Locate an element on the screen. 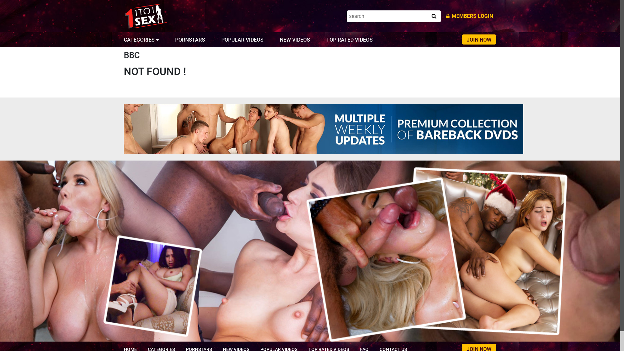 The height and width of the screenshot is (351, 624). 'PORNSTARS' is located at coordinates (190, 40).